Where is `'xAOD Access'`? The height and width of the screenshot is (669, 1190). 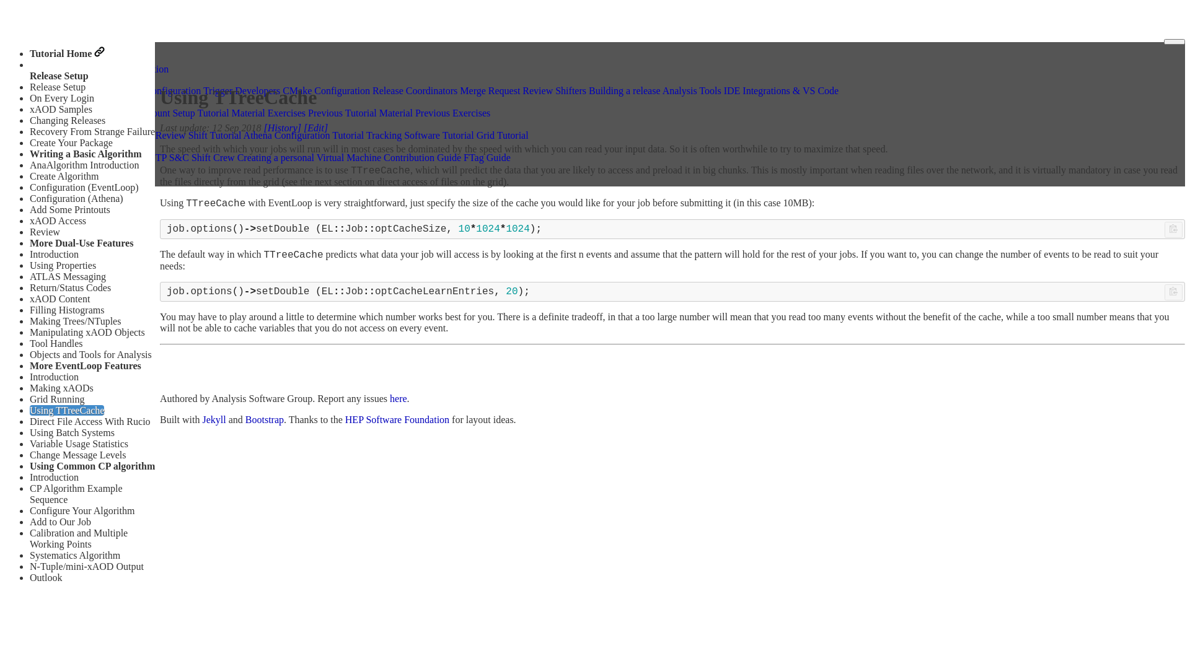
'xAOD Access' is located at coordinates (57, 220).